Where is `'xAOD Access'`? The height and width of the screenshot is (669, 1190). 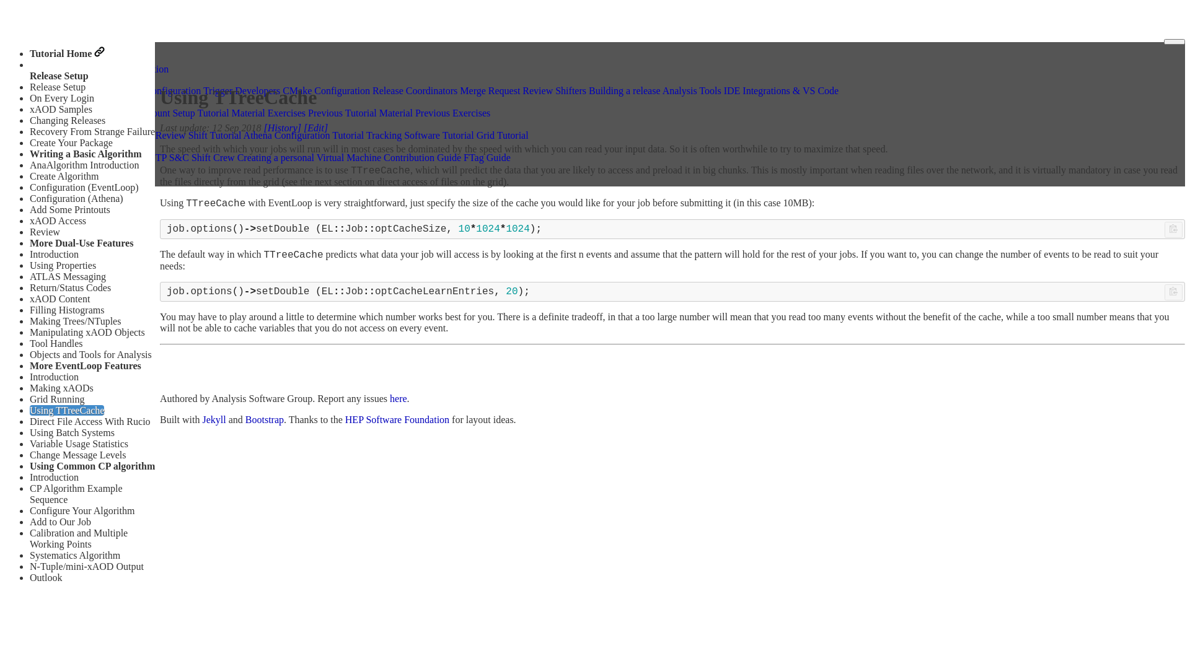
'xAOD Access' is located at coordinates (57, 220).